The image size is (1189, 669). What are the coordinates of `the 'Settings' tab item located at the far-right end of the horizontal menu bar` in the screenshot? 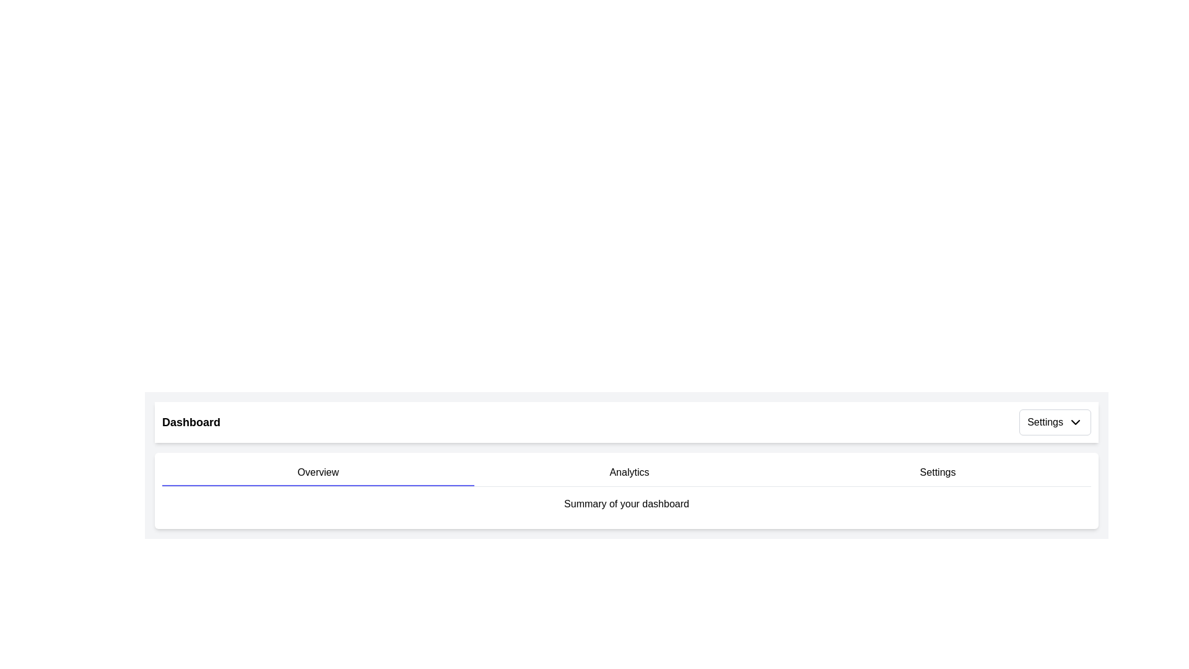 It's located at (938, 473).